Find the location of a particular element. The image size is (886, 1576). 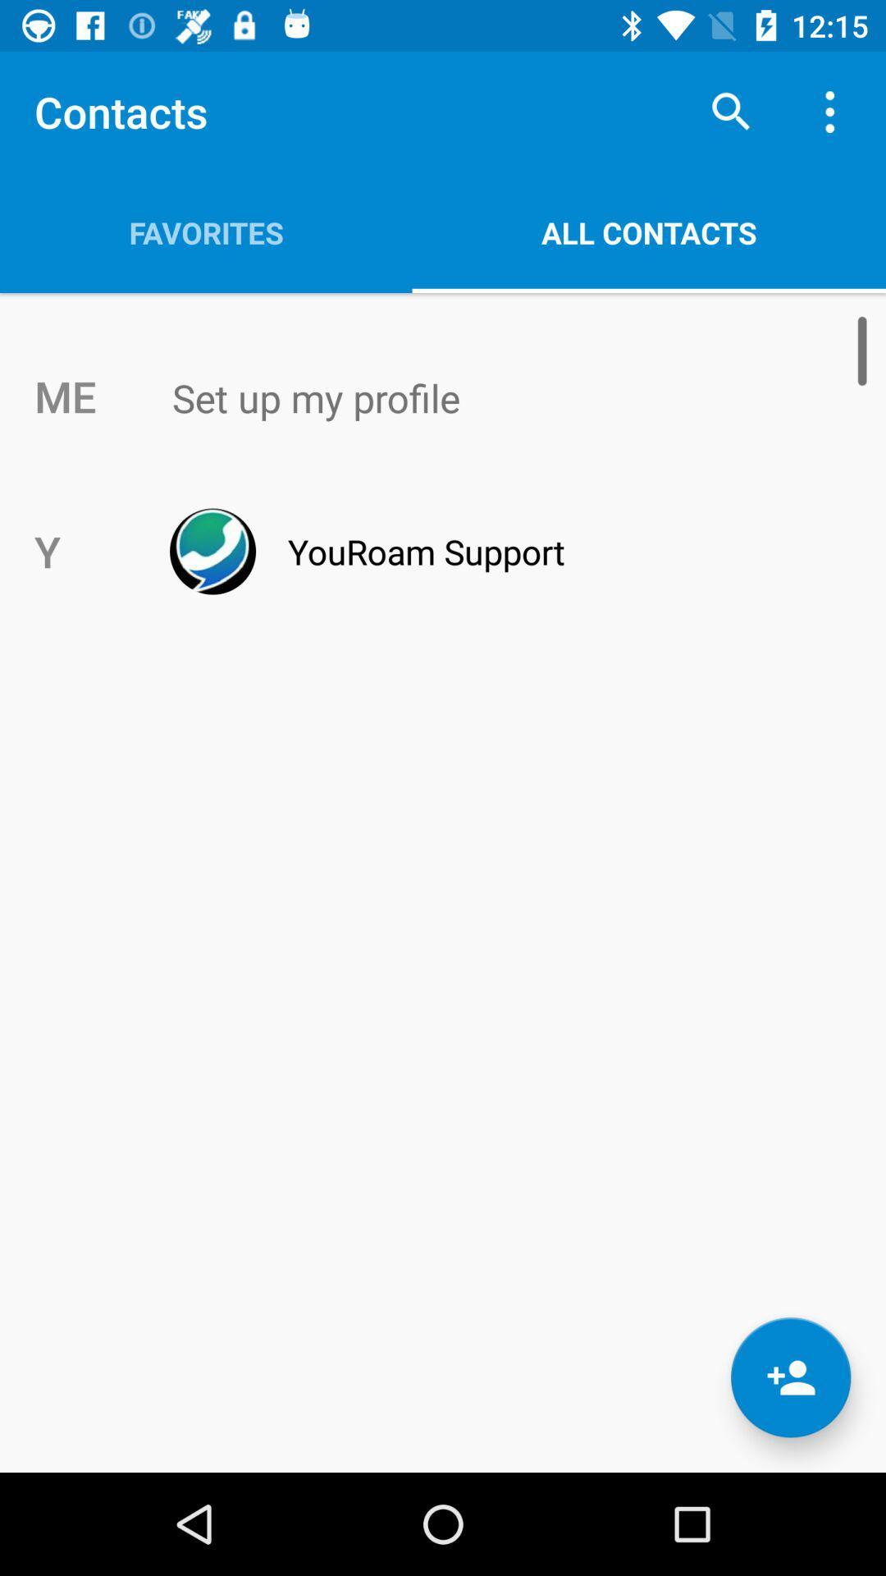

favorites item is located at coordinates (205, 231).